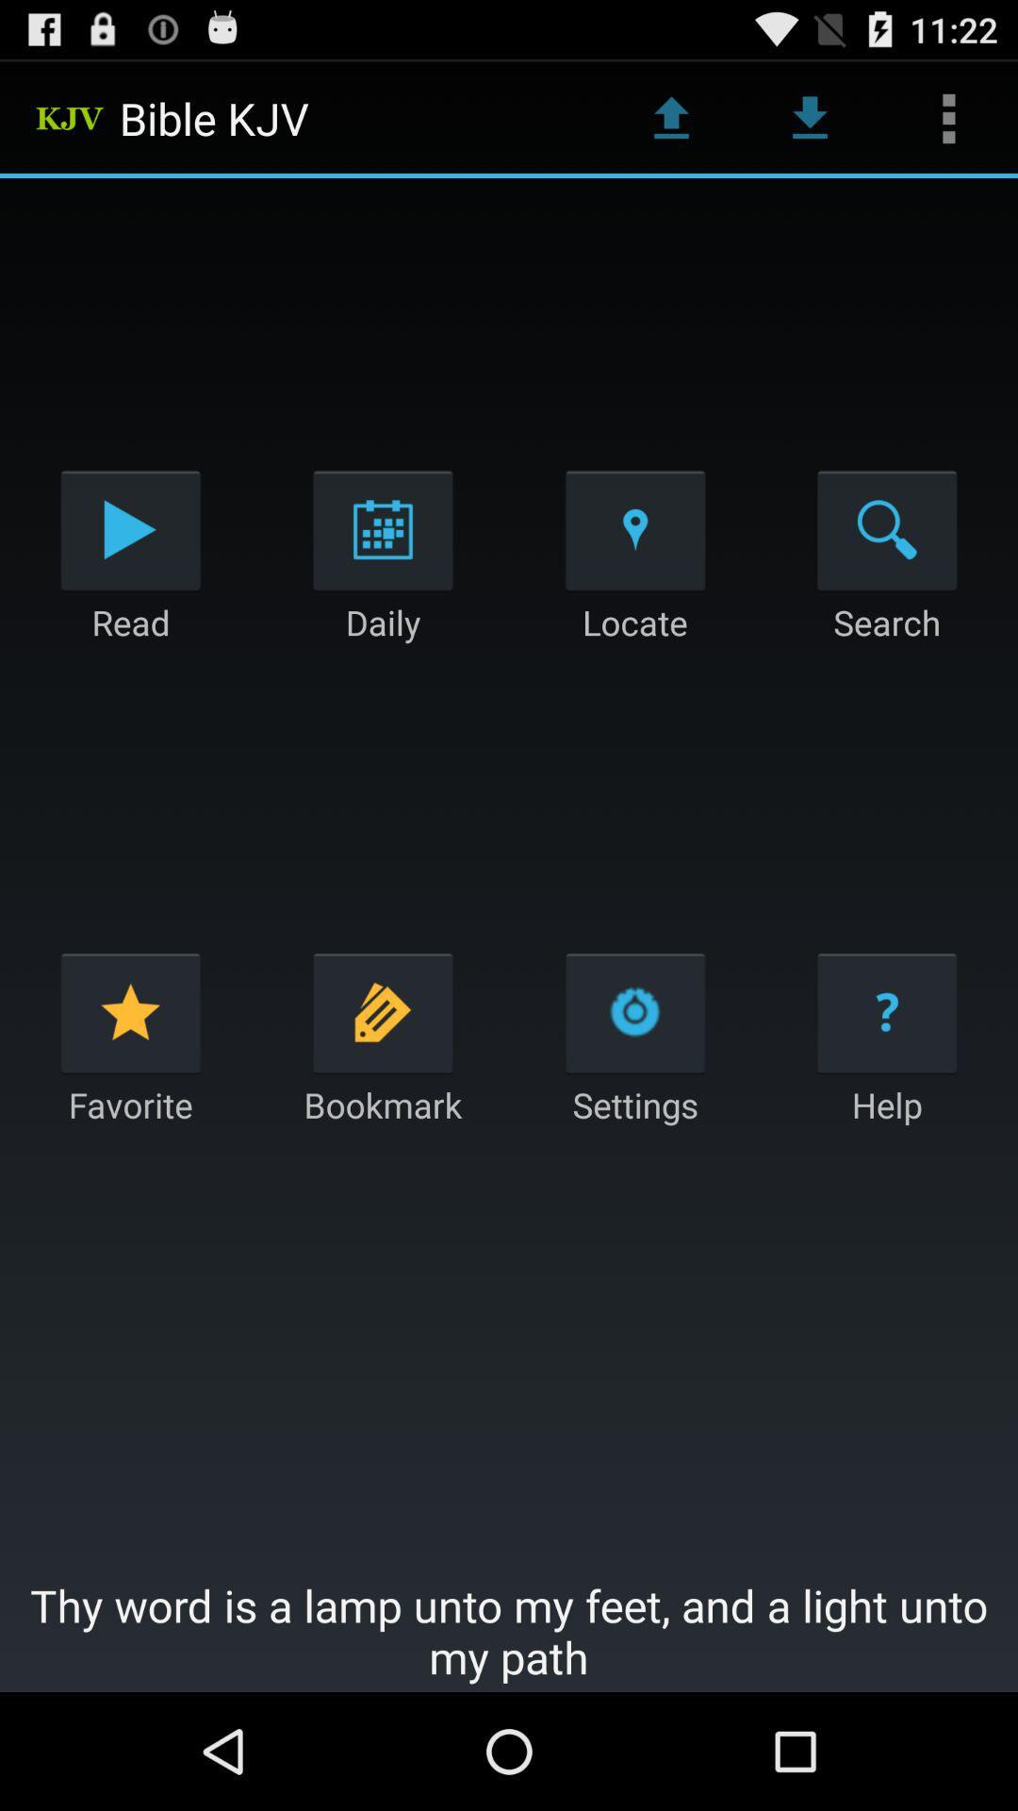  I want to click on the label icon, so click(382, 1083).